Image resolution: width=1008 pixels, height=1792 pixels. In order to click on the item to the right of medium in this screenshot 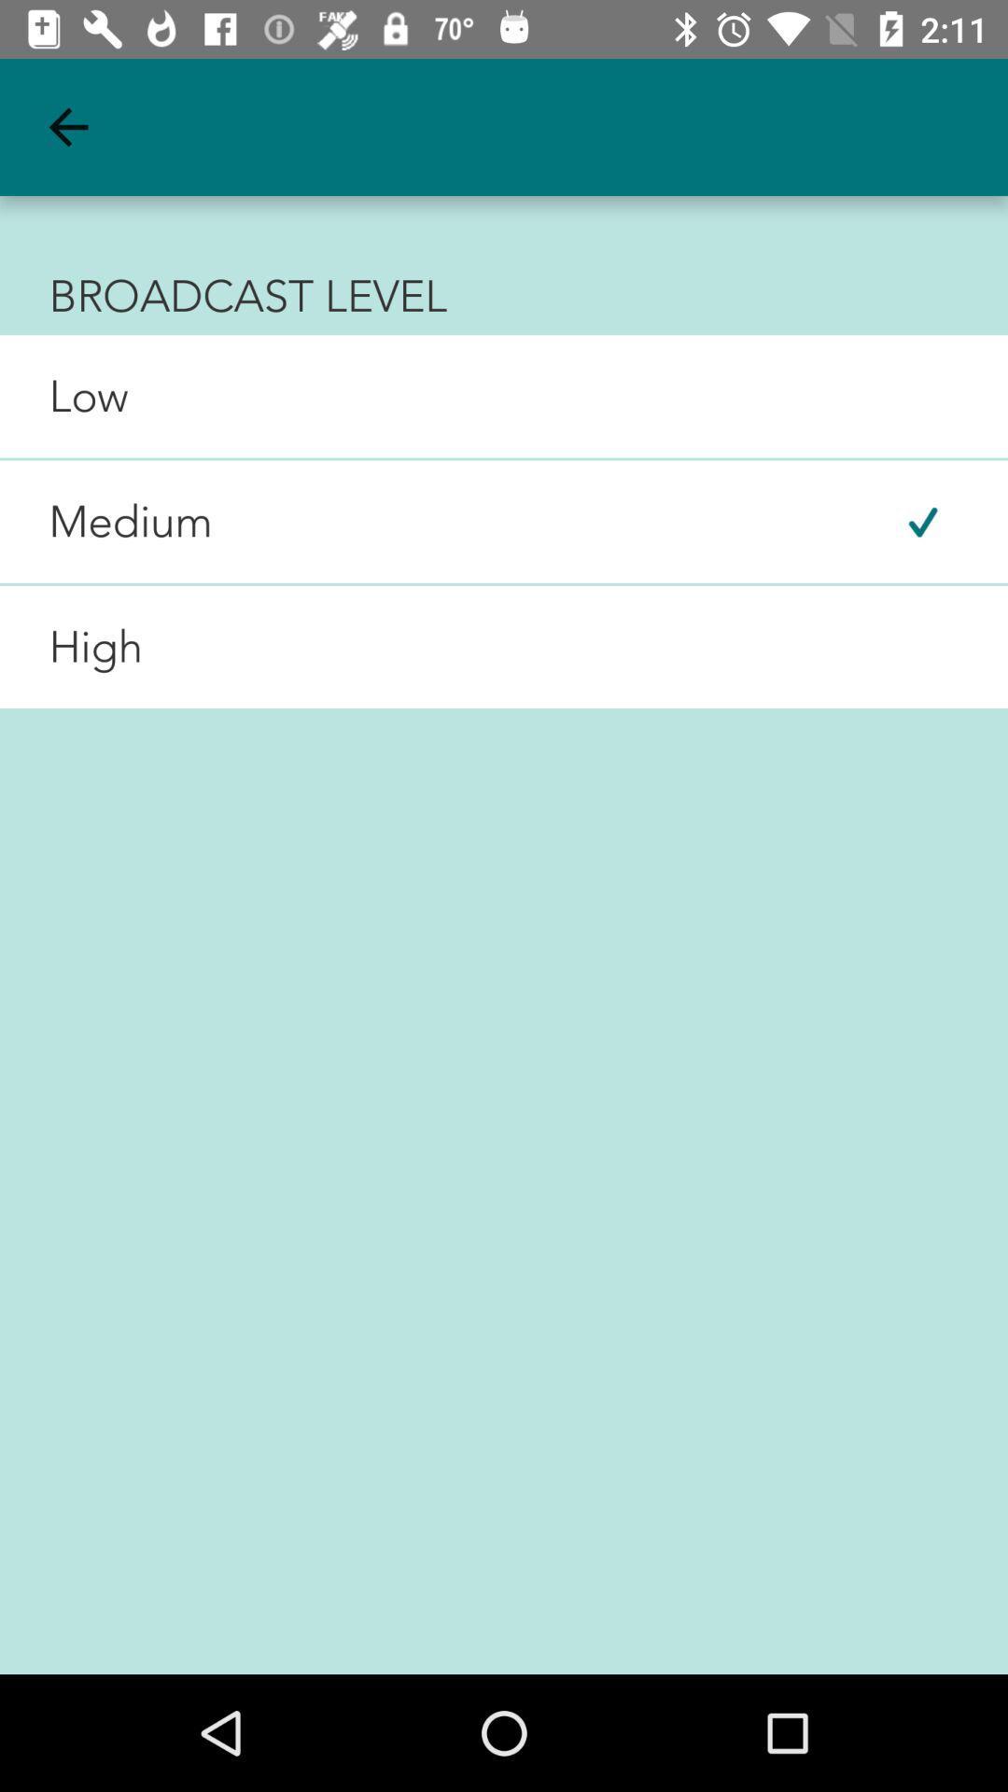, I will do `click(921, 522)`.